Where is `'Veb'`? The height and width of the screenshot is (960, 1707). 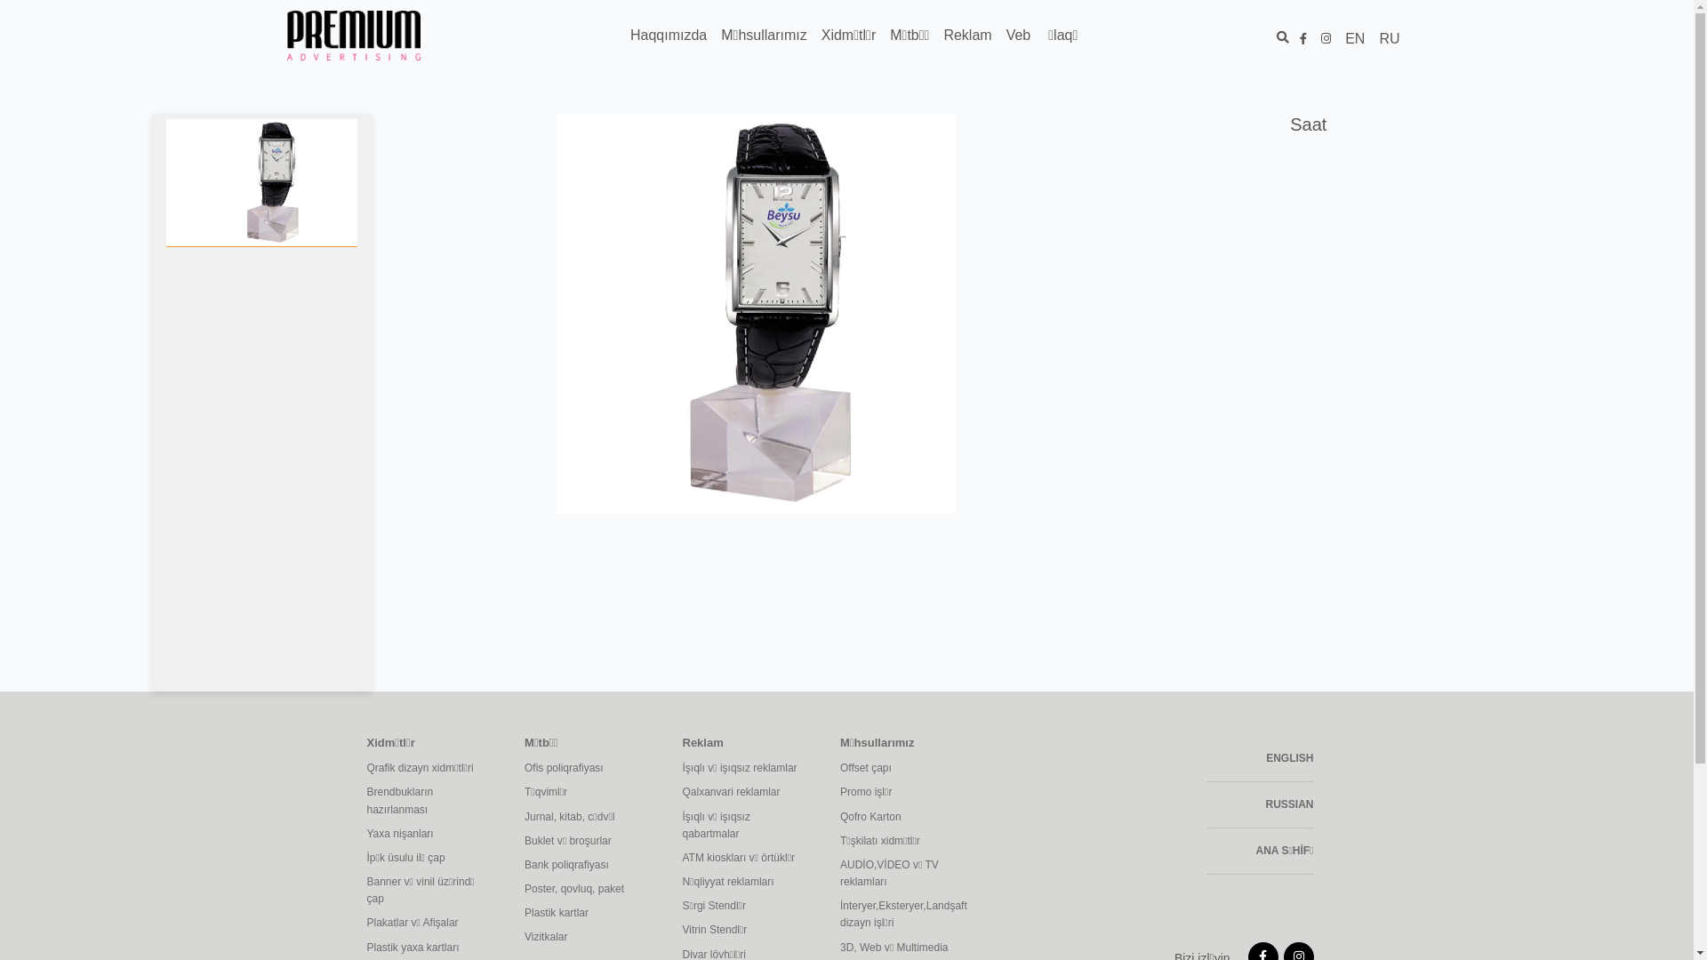 'Veb' is located at coordinates (1019, 35).